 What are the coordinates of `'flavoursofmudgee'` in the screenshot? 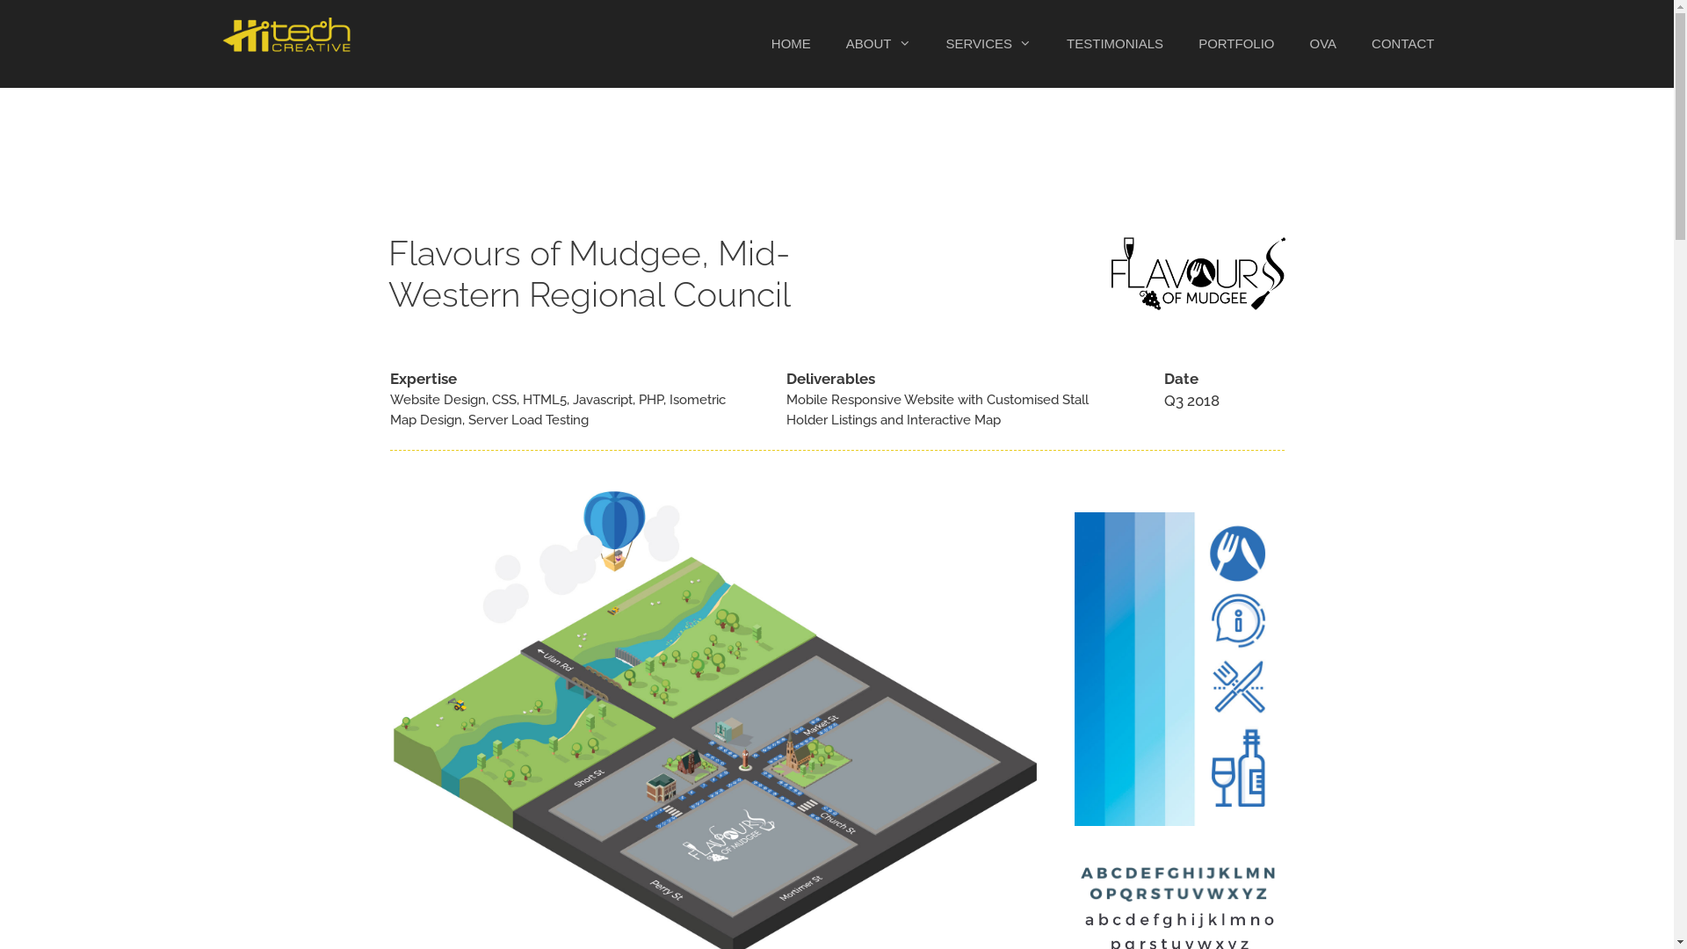 It's located at (1197, 273).